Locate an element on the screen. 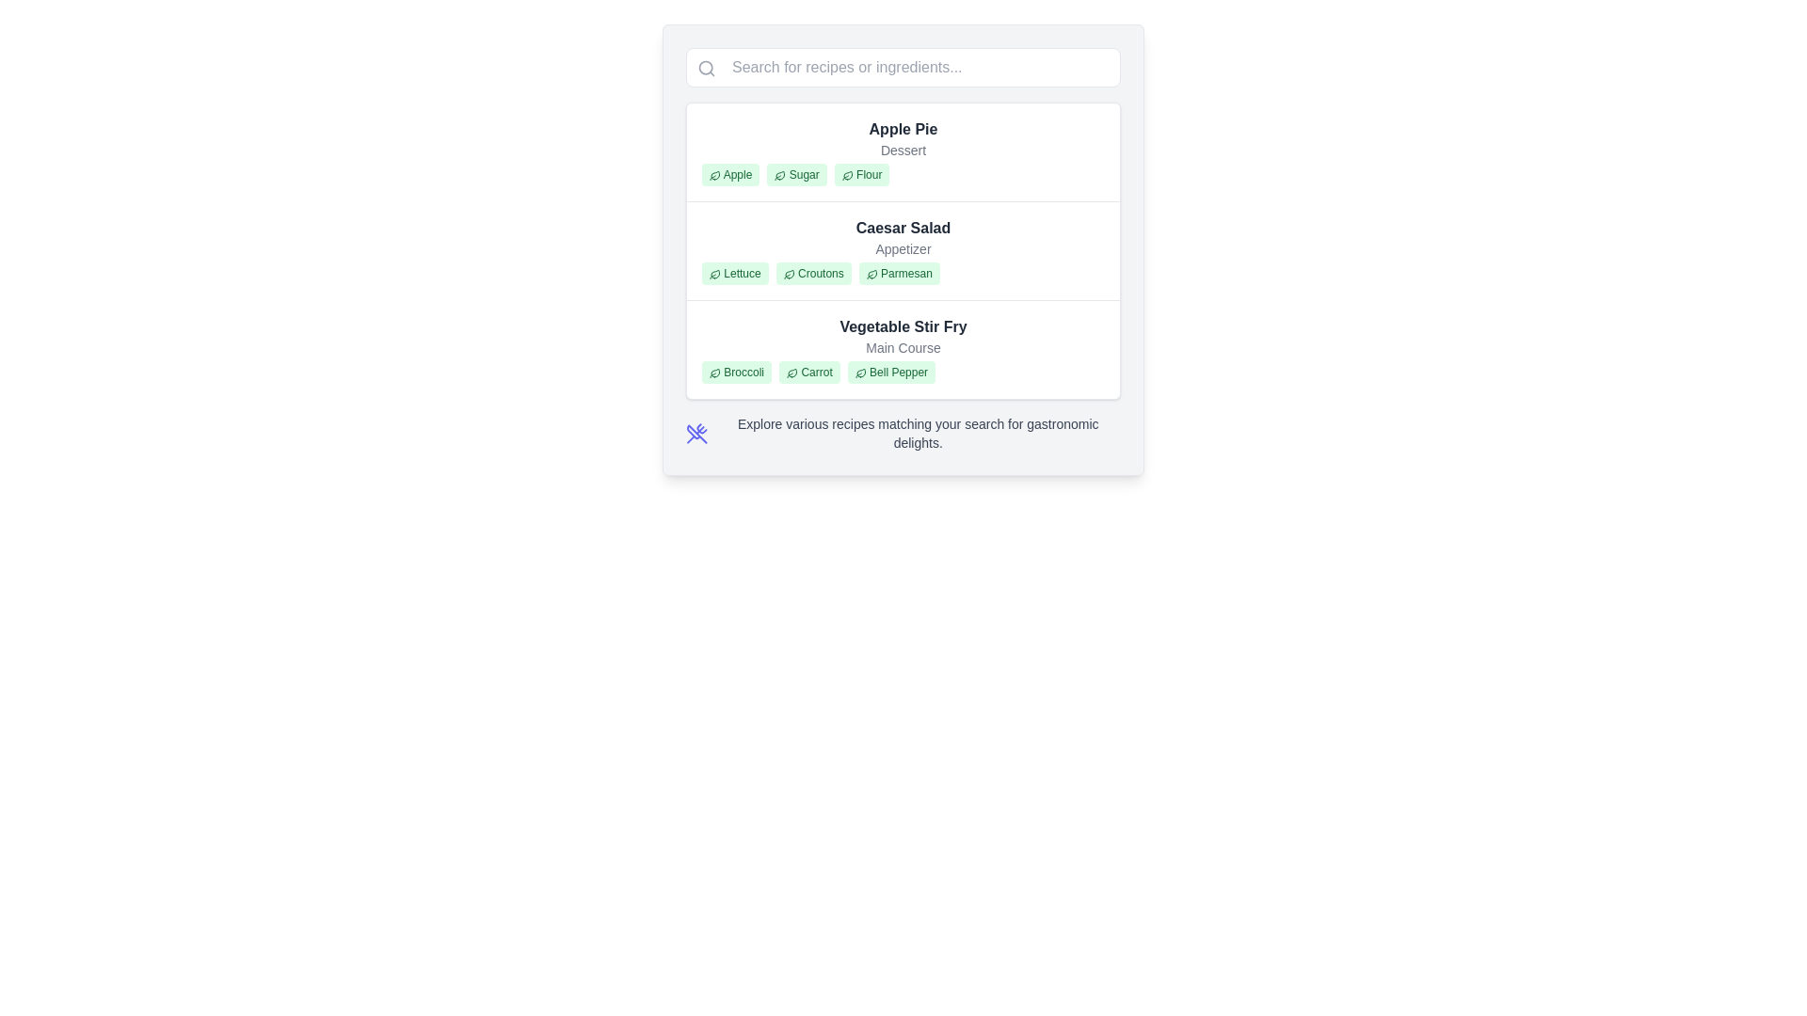 The height and width of the screenshot is (1016, 1807). the tag group that visually highlights the ingredients associated with the 'Caesar Salad' entry, located below the 'Caesar Salad' title and above the 'Vegetable Stir Fry' entry is located at coordinates (903, 273).